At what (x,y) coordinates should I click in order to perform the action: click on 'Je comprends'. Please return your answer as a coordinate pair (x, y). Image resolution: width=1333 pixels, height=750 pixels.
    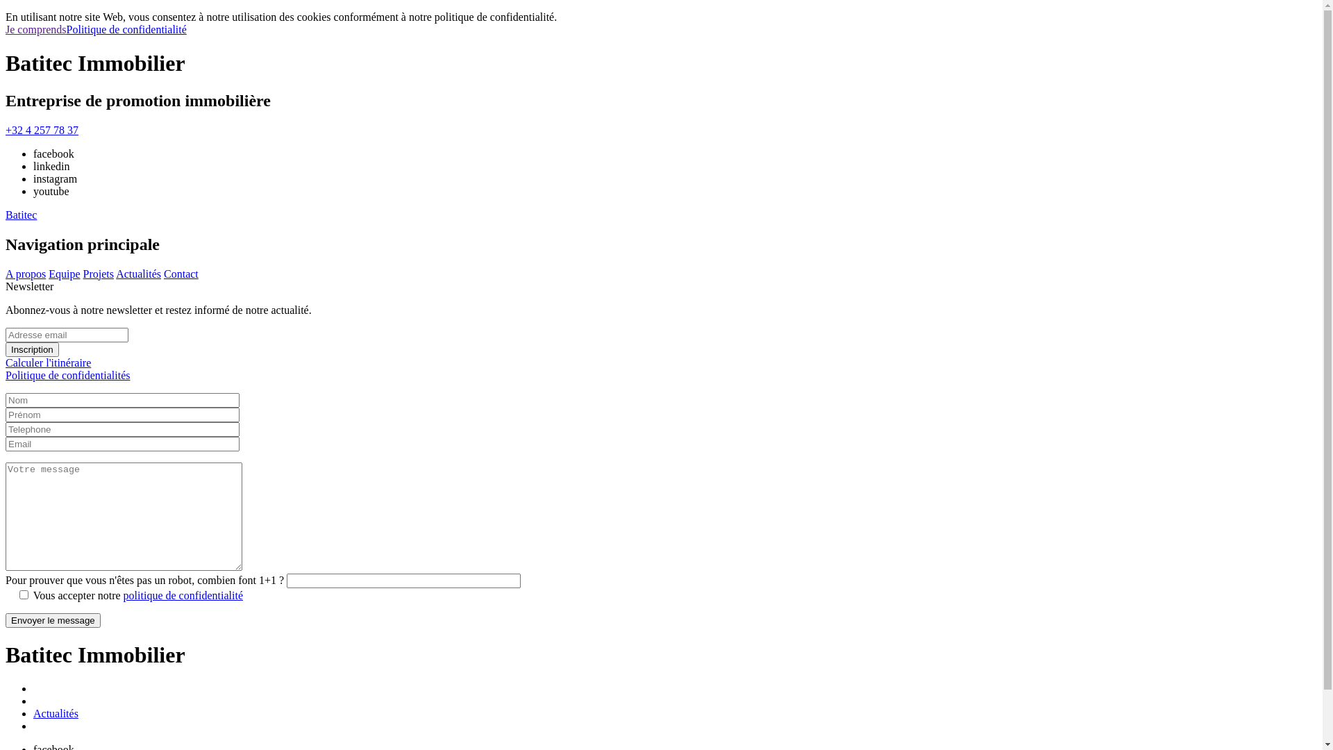
    Looking at the image, I should click on (36, 29).